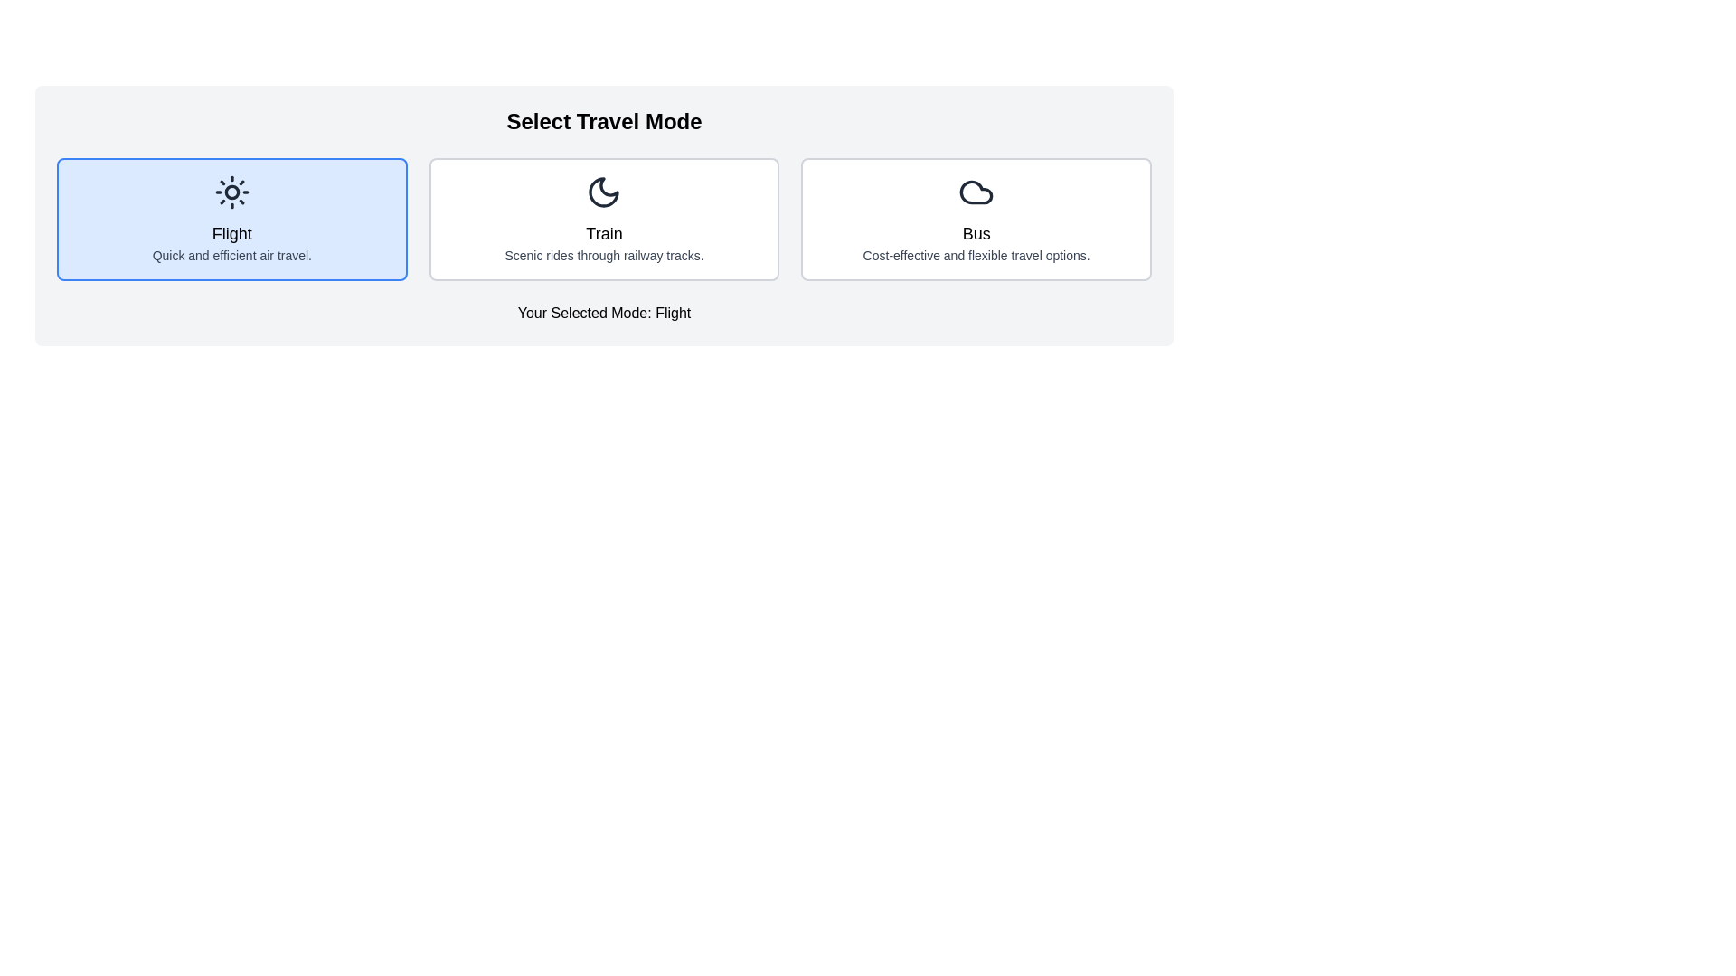  I want to click on the label that displays the phrase 'Your Selected Mode:' which is positioned to the left of the 'Flight' option indicator, so click(584, 312).